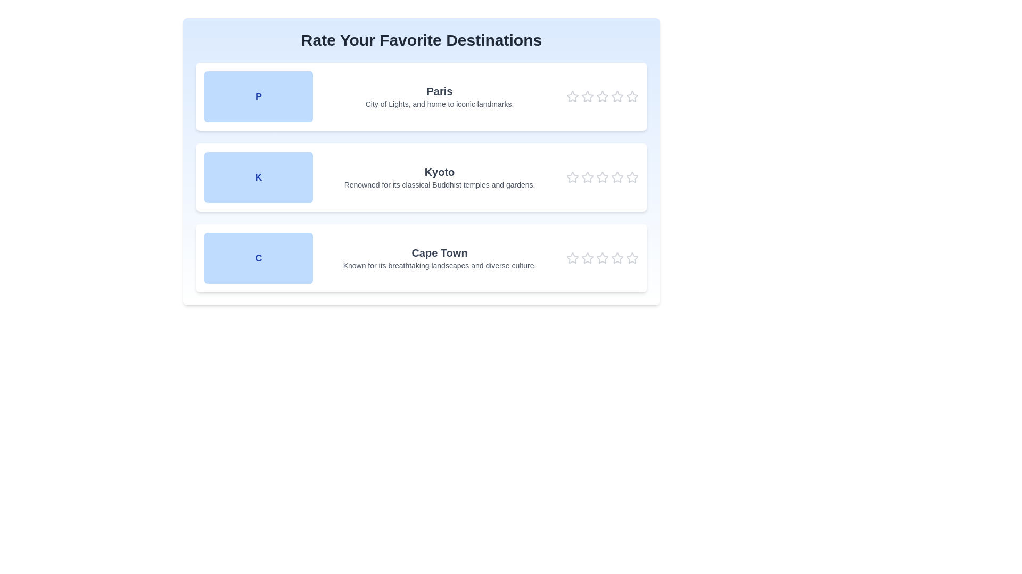 The width and height of the screenshot is (1022, 574). What do you see at coordinates (603, 96) in the screenshot?
I see `to select multiple stars, starting from the third star in the rating system for the 'Paris' section` at bounding box center [603, 96].